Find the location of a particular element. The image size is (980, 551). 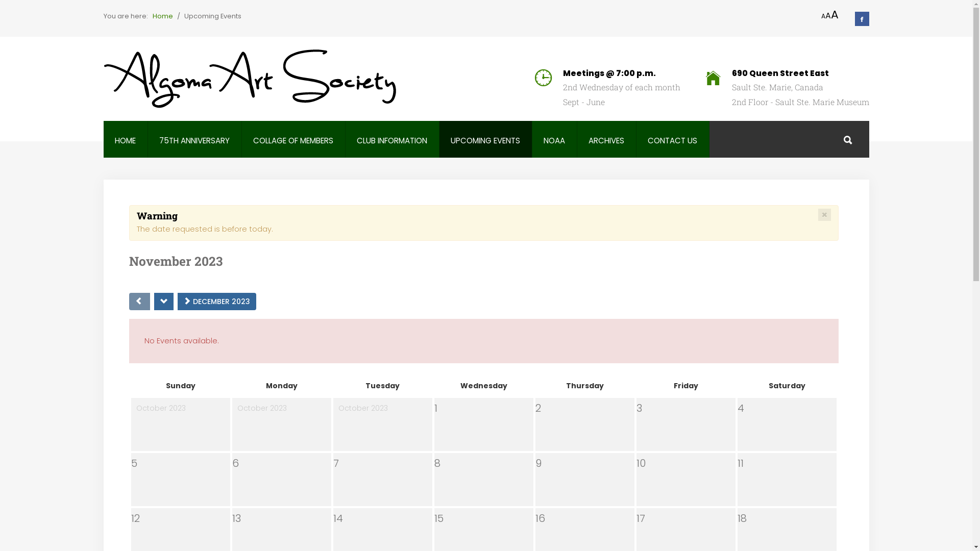

'CLUB INFORMATION' is located at coordinates (391, 140).